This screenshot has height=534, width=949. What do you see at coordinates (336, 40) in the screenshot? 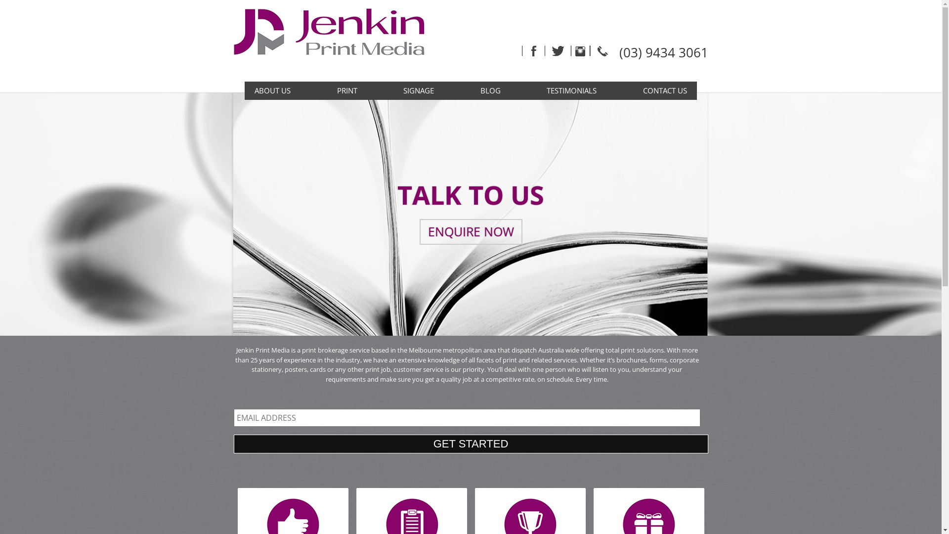
I see `'Jenkin Print Group'` at bounding box center [336, 40].